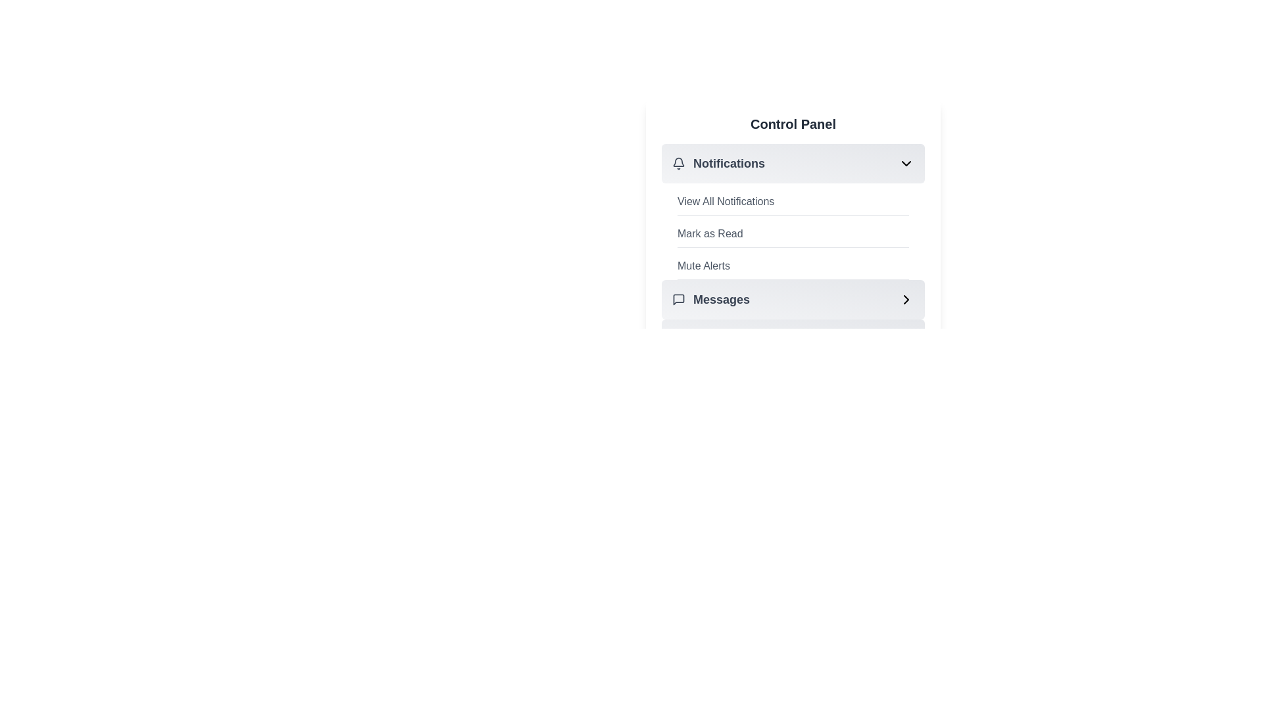  Describe the element at coordinates (679, 299) in the screenshot. I see `the speech bubble icon located to the left of the 'Messages' text label` at that location.